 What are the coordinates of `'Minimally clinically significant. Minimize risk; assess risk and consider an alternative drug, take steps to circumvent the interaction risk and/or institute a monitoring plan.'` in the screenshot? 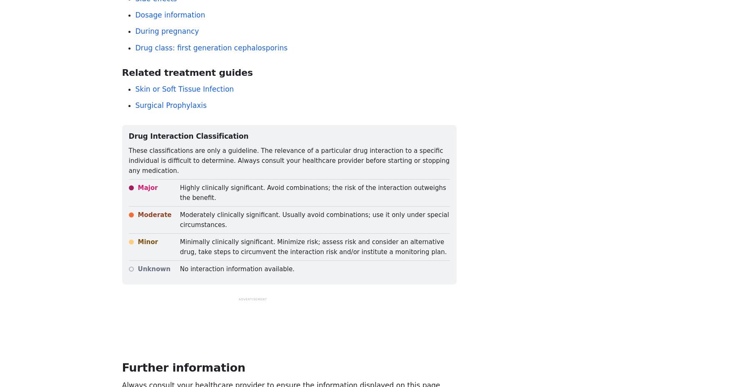 It's located at (312, 246).